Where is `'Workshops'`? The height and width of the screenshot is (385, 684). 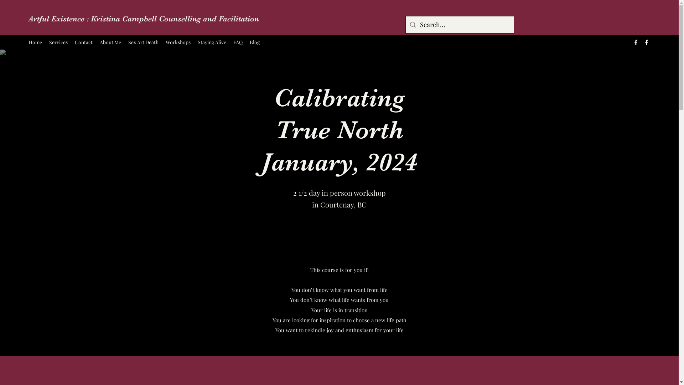
'Workshops' is located at coordinates (178, 42).